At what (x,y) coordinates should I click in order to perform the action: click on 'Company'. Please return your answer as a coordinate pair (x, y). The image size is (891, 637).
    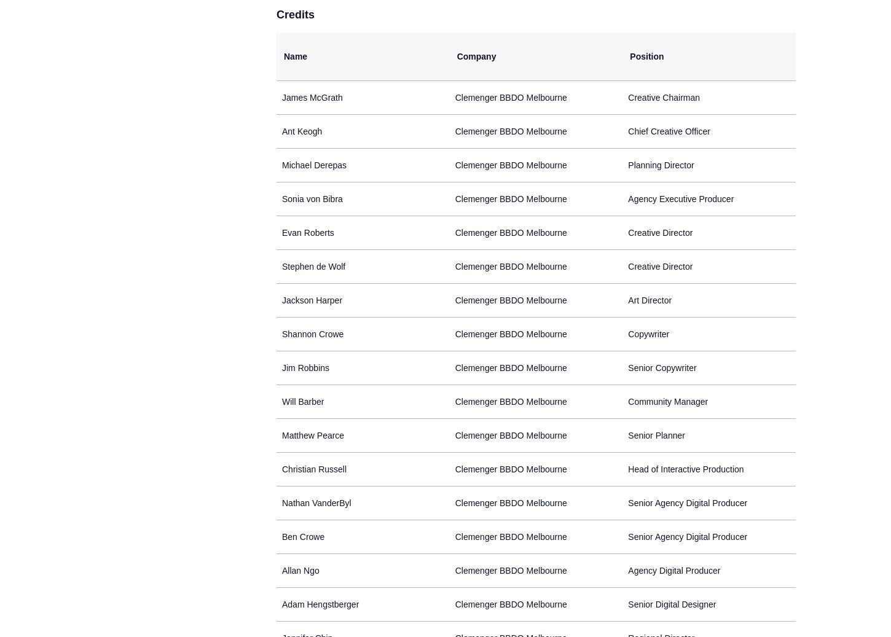
    Looking at the image, I should click on (476, 55).